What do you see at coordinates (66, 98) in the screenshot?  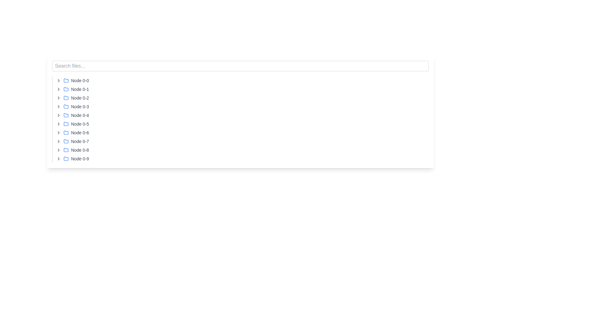 I see `the blue folder icon adjacent to the text 'Node 0-2'` at bounding box center [66, 98].